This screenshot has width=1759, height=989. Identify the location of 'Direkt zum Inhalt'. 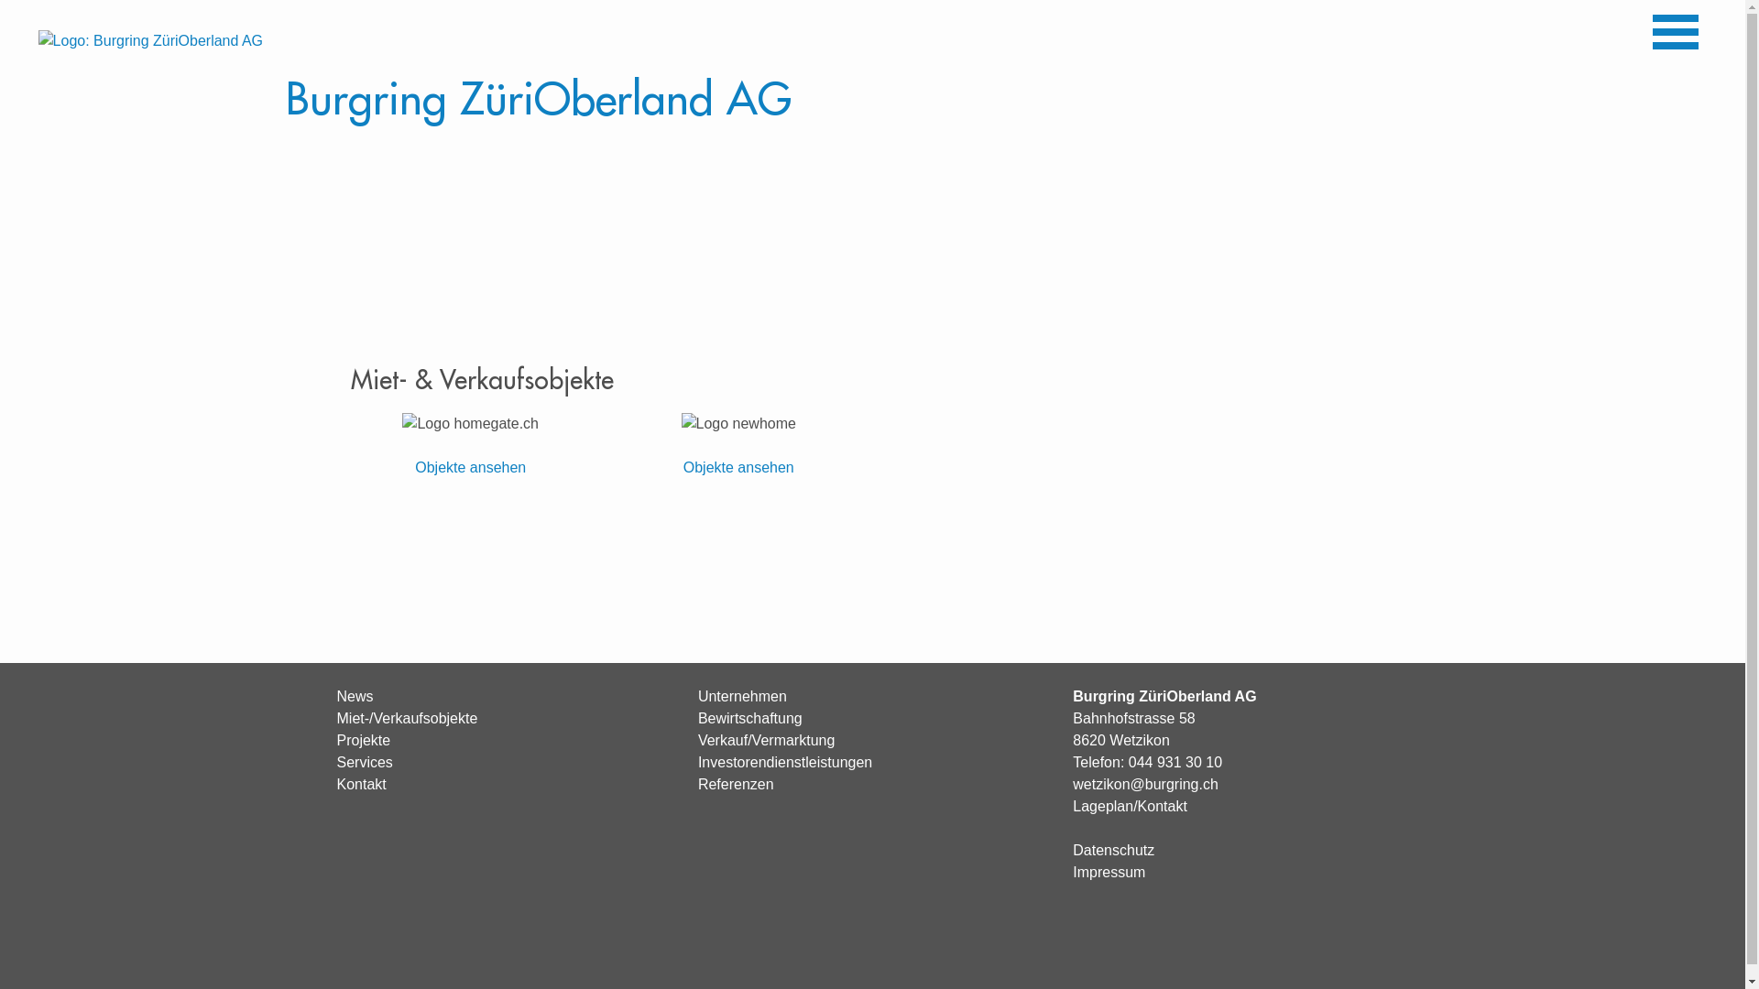
(51, 0).